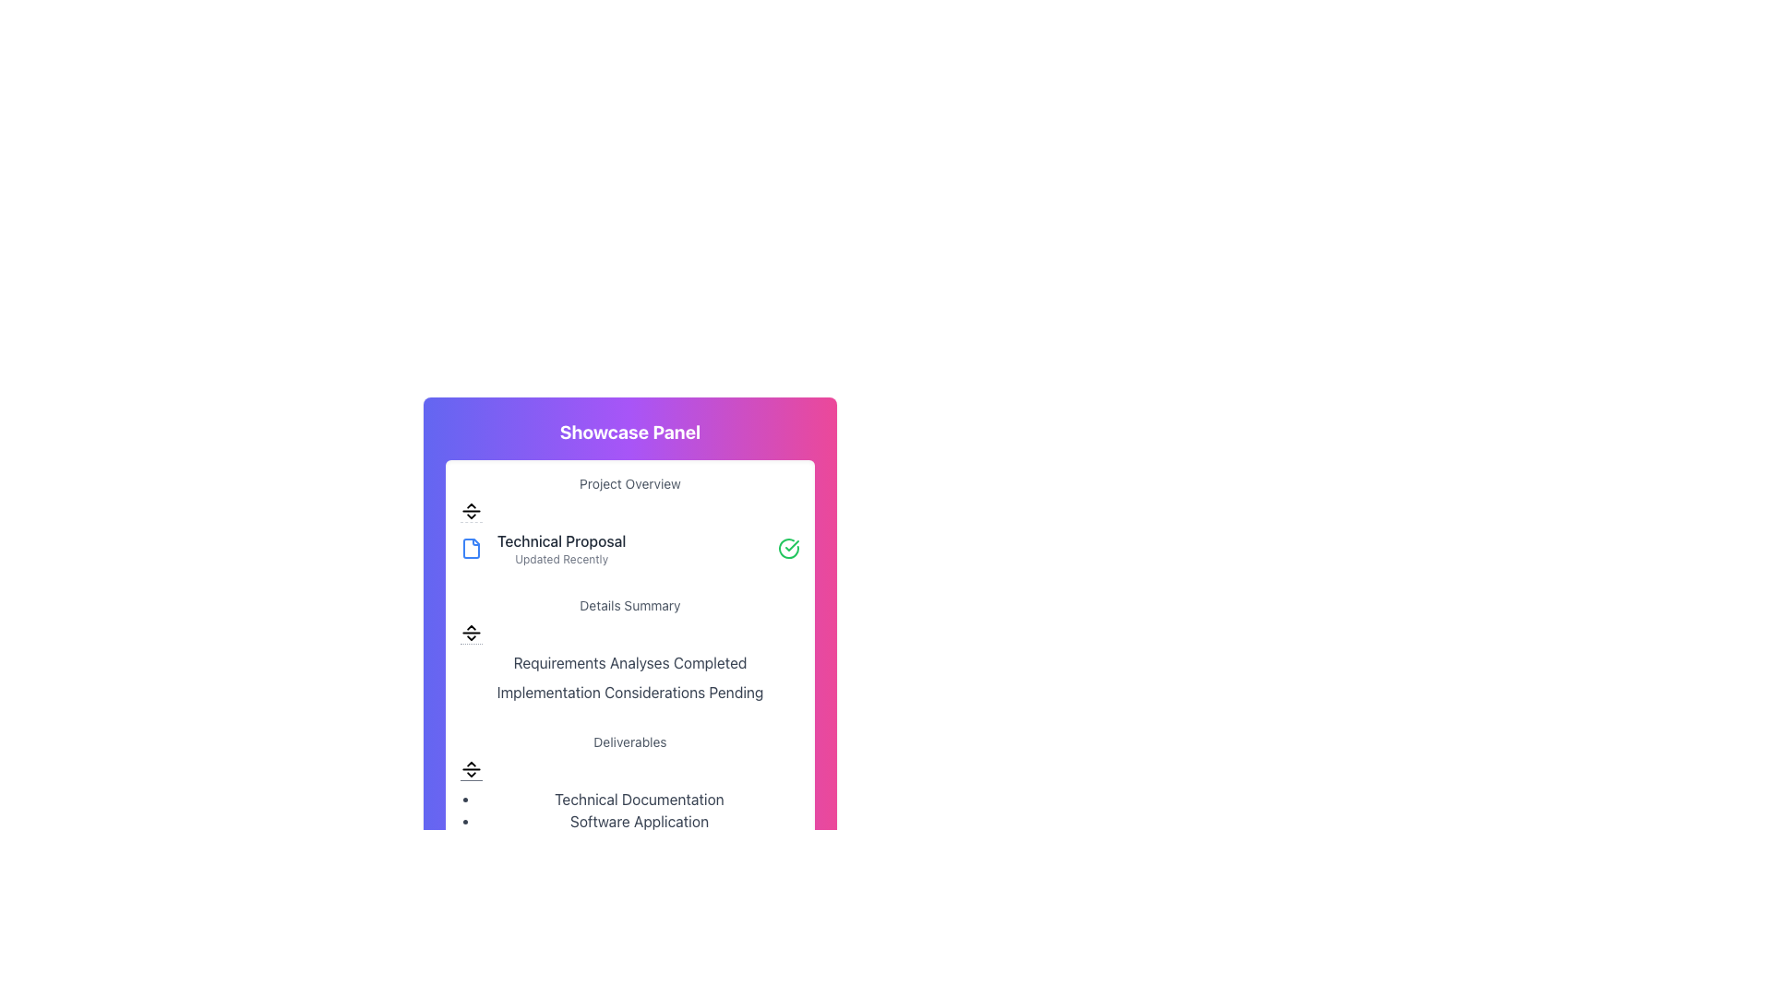 This screenshot has height=996, width=1772. I want to click on the second list item representing a technical proposal, so click(629, 520).